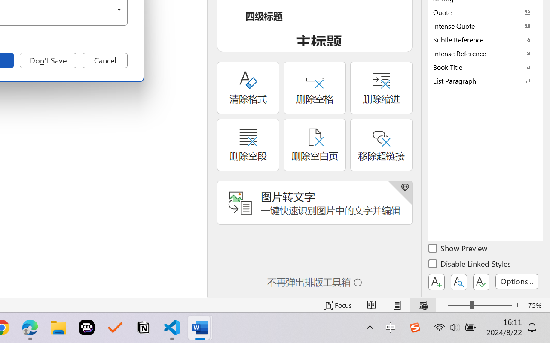  I want to click on 'Book Title', so click(486, 67).